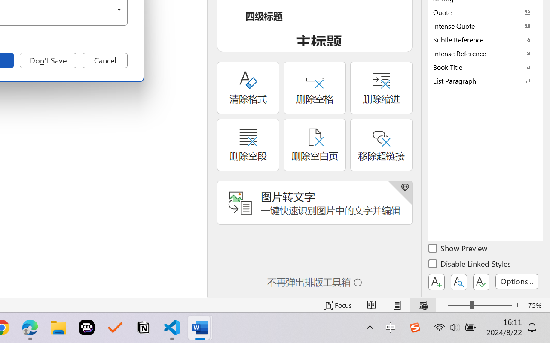  I want to click on 'Book Title', so click(486, 67).